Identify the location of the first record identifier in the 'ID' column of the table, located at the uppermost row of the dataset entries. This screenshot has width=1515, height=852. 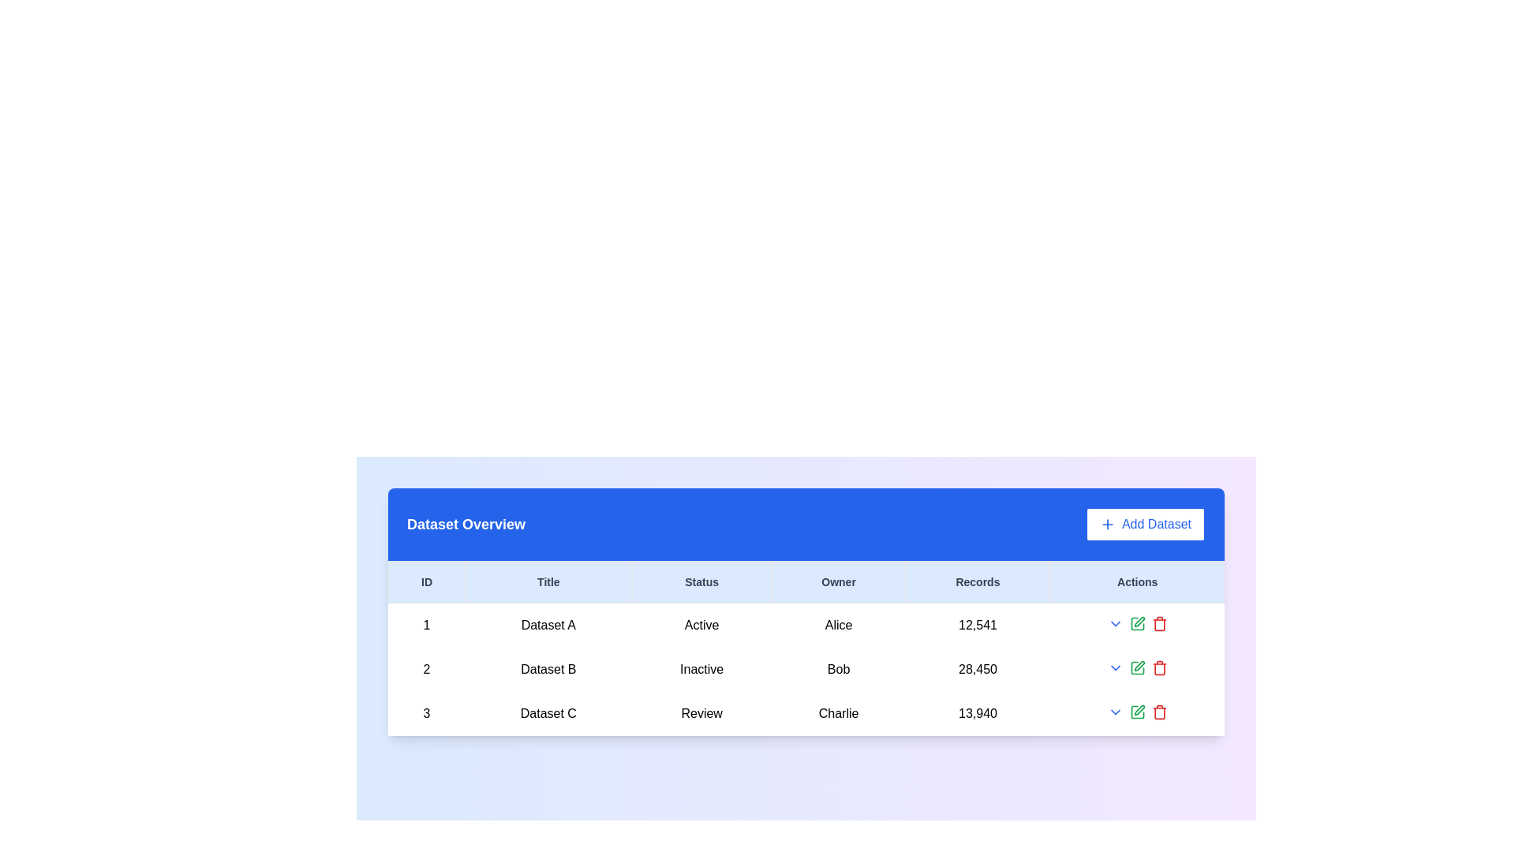
(427, 625).